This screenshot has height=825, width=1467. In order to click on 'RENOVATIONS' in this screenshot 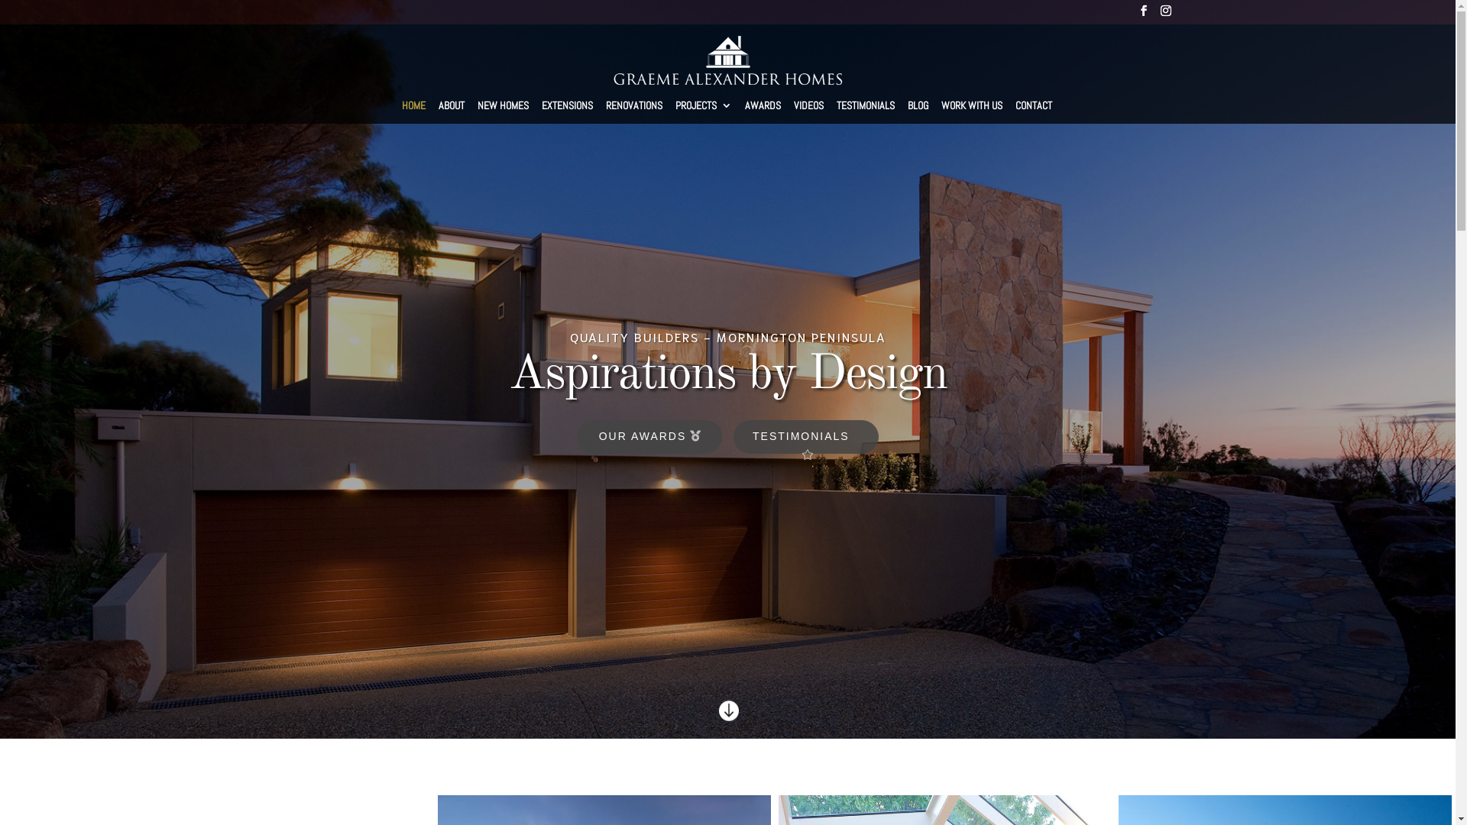, I will do `click(634, 110)`.